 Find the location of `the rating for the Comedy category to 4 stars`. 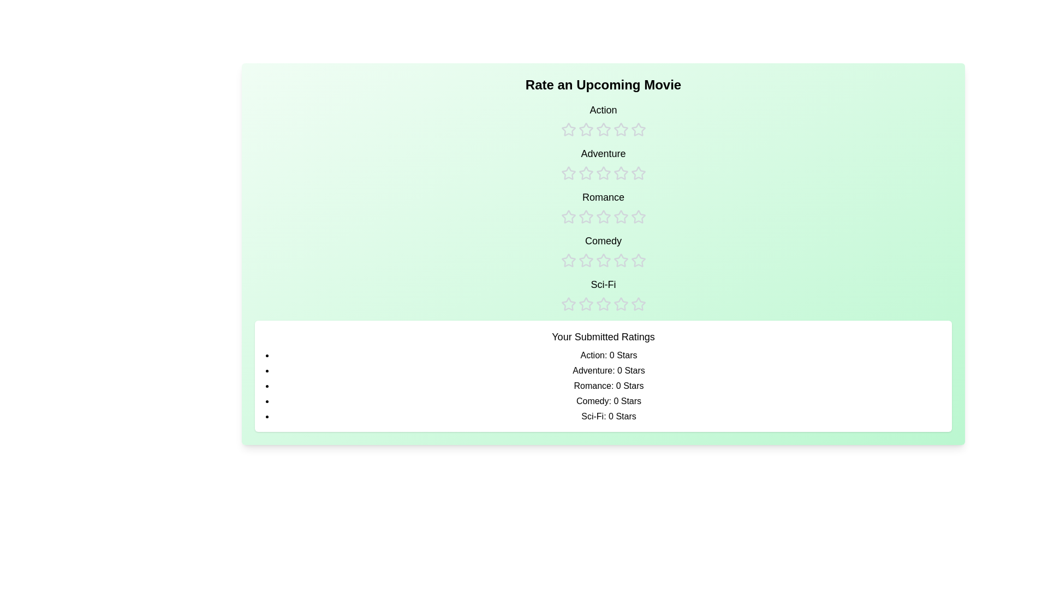

the rating for the Comedy category to 4 stars is located at coordinates (621, 250).